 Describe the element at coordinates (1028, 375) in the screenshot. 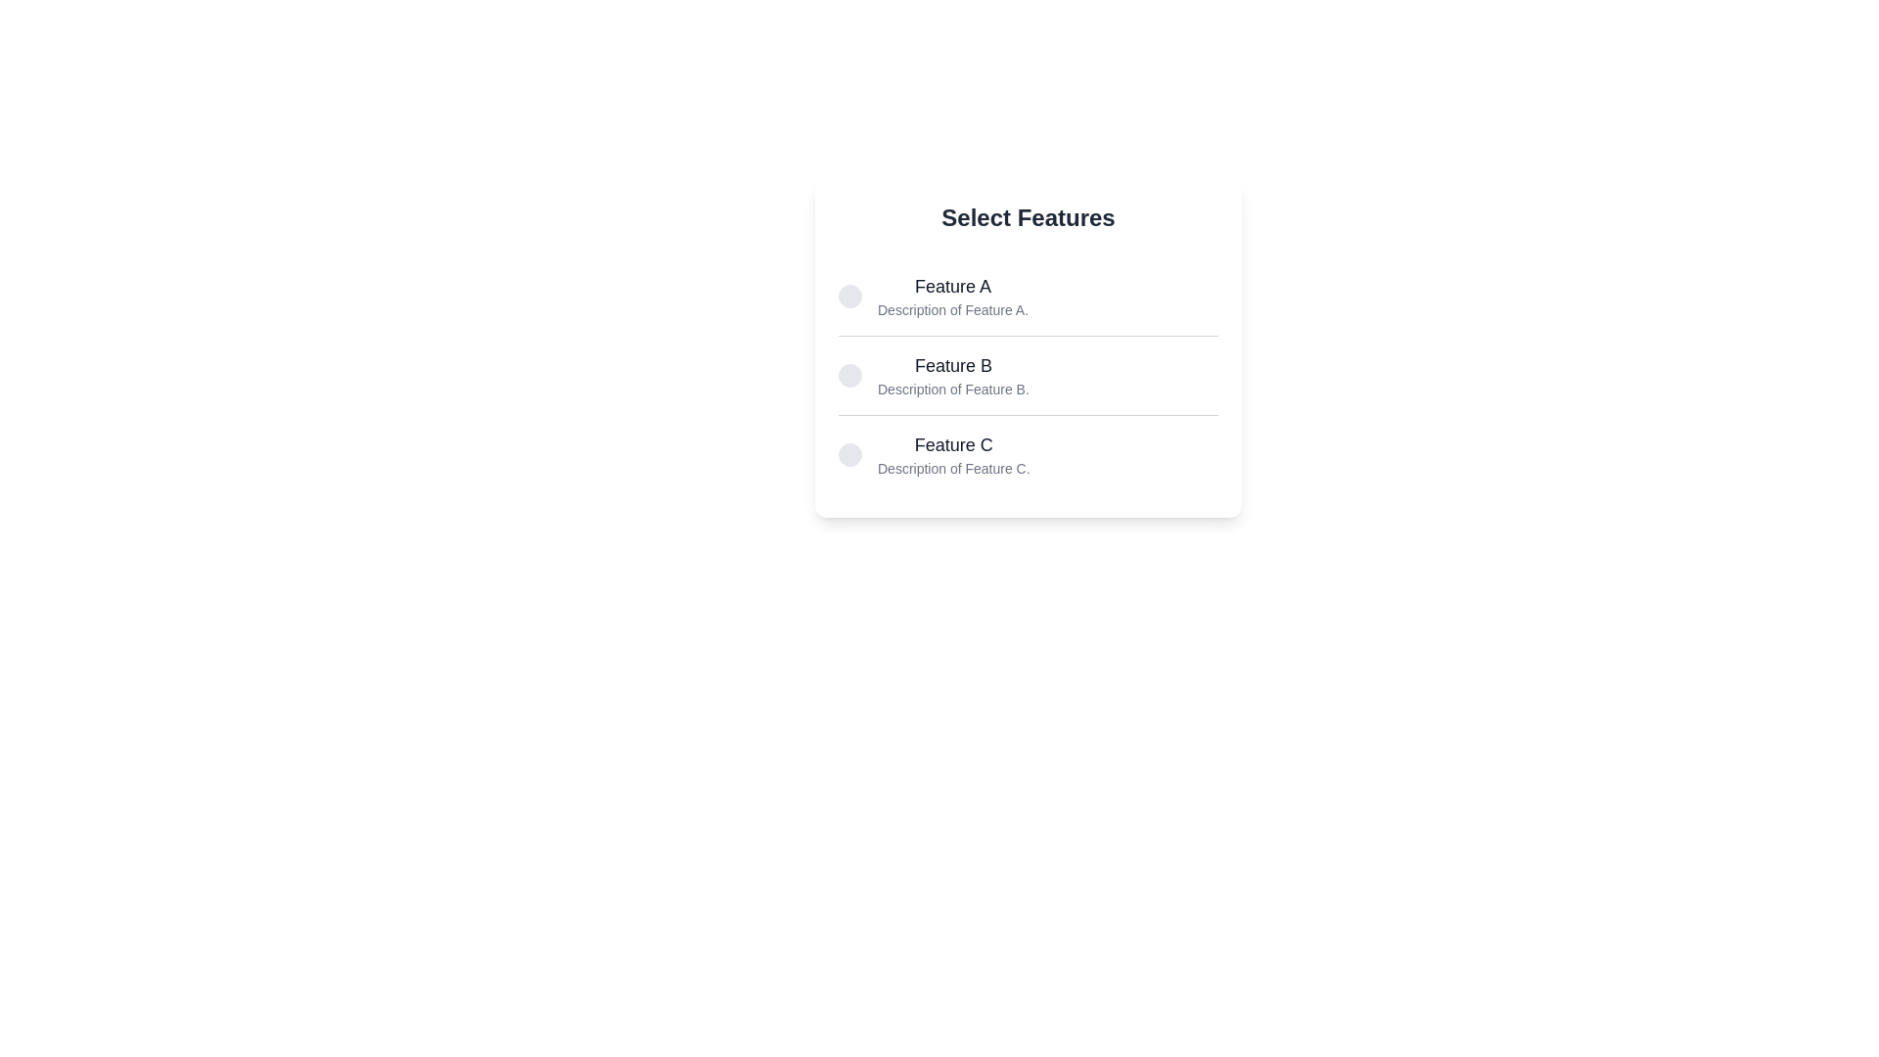

I see `the list item titled 'Feature B' which contains a description 'Description of Feature B.' and has a gray circle to its left side` at that location.